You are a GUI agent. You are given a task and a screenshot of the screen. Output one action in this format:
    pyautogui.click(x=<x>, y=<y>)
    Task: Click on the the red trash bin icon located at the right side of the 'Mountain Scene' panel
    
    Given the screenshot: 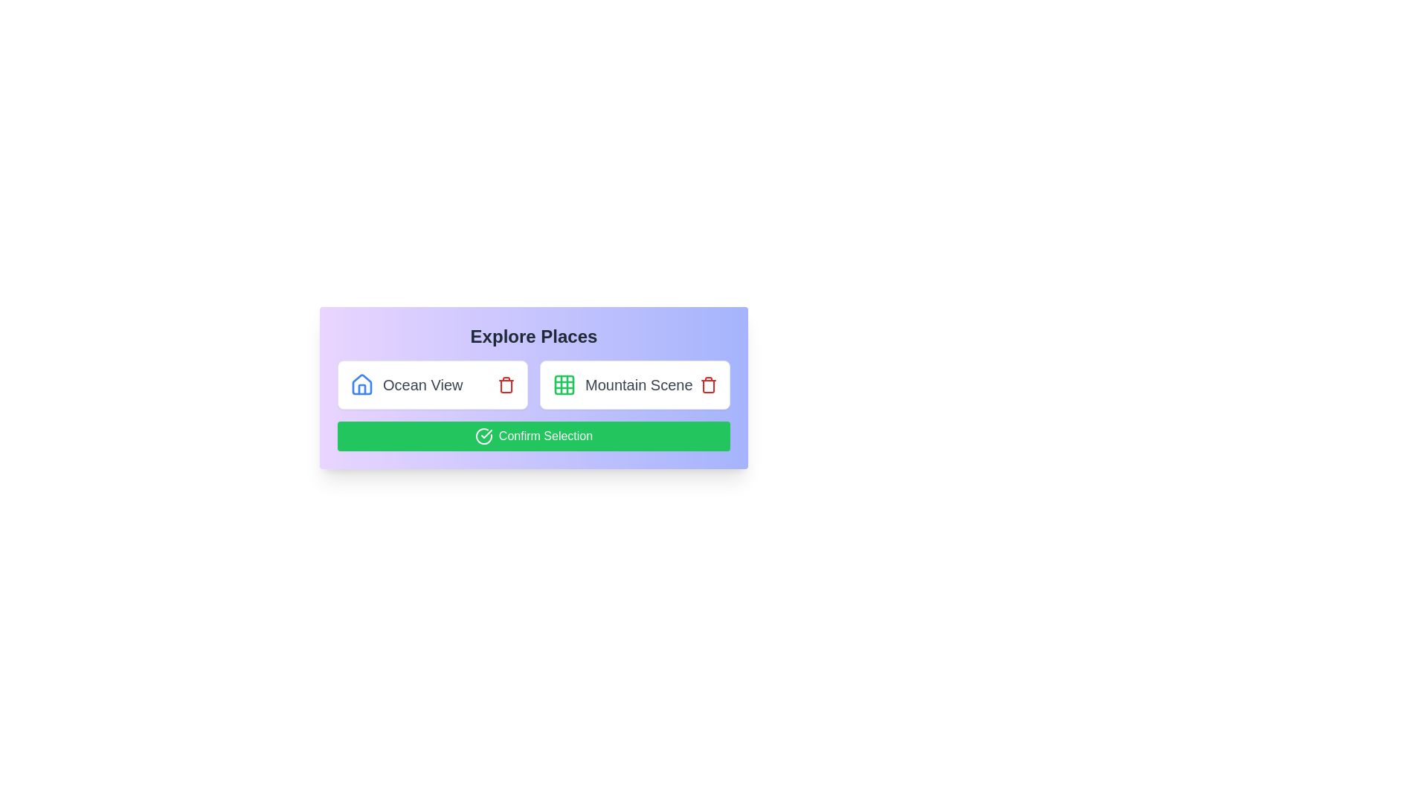 What is the action you would take?
    pyautogui.click(x=708, y=384)
    